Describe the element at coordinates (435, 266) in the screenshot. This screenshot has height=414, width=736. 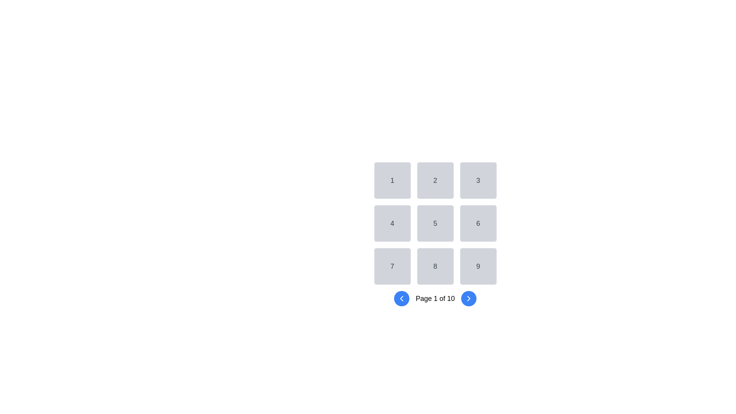
I see `the static grid item located at the bottom-center of a 3x3 grid layout, specifically the 8th slot, which is non-interactive` at that location.